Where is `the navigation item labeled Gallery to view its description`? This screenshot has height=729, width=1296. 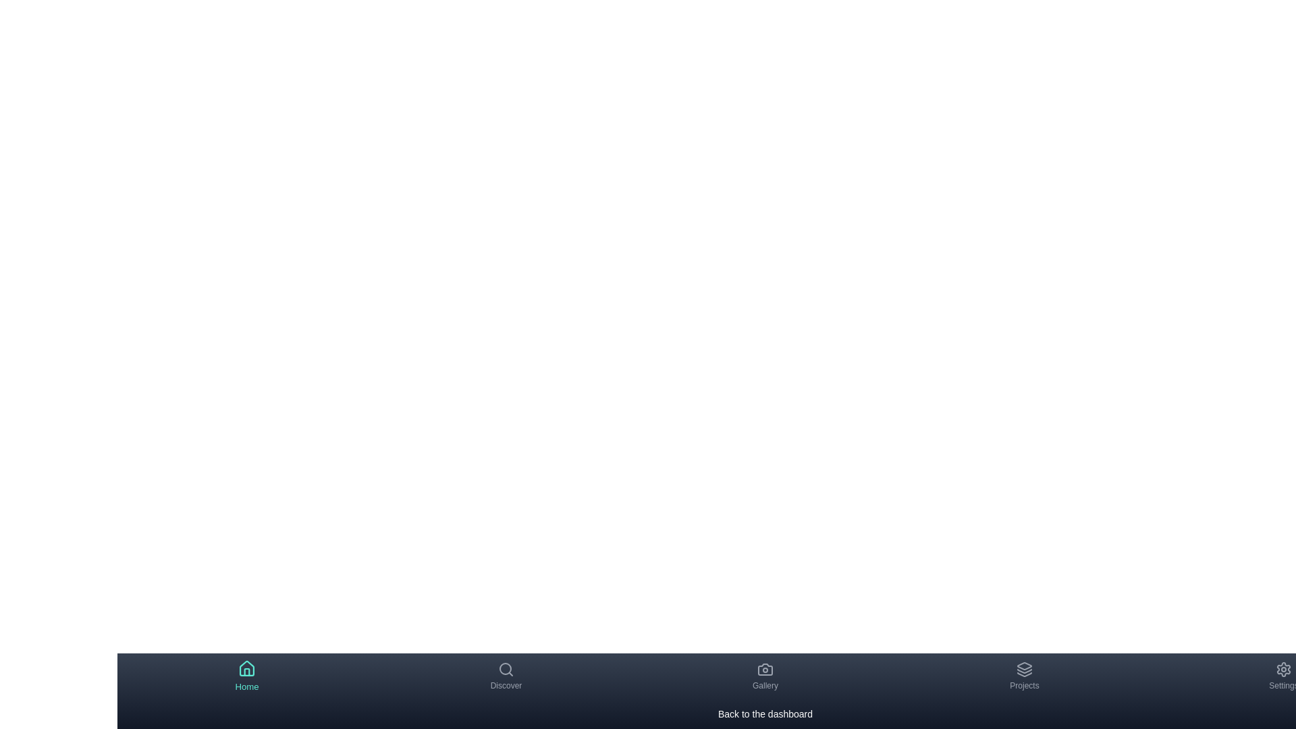 the navigation item labeled Gallery to view its description is located at coordinates (765, 676).